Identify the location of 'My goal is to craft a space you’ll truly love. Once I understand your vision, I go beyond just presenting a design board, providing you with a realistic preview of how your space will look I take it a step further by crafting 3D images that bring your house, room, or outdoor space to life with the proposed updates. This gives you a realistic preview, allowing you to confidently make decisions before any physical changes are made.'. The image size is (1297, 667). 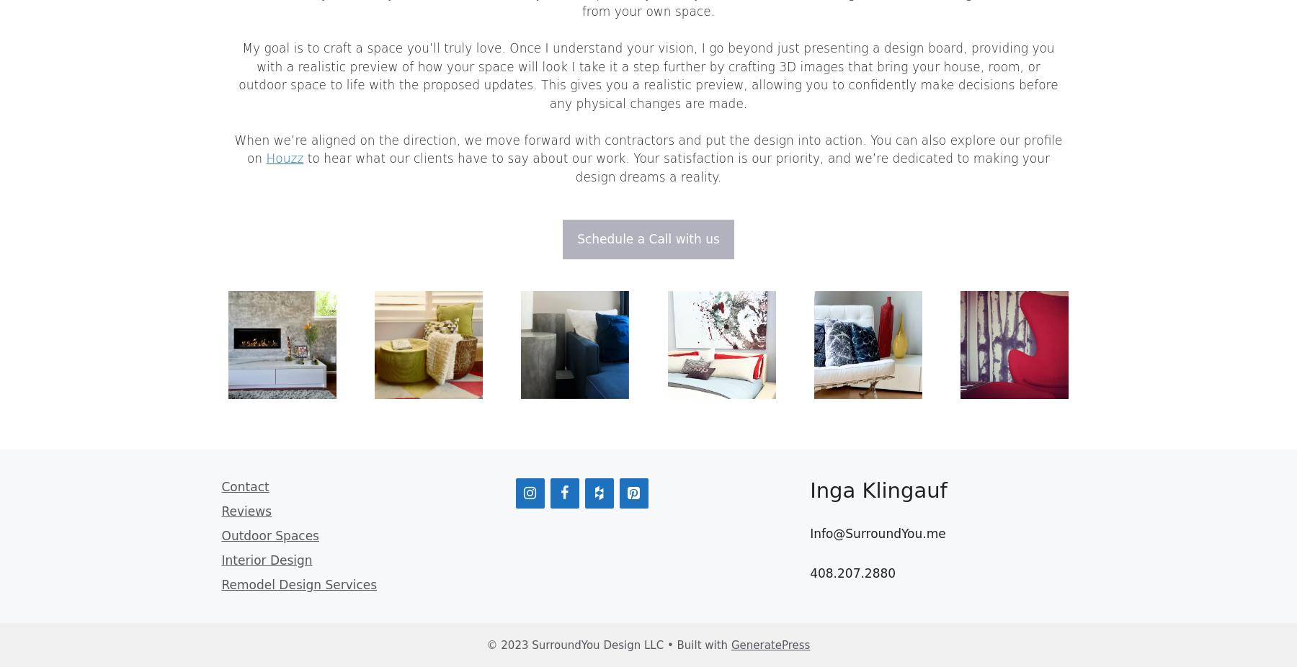
(238, 75).